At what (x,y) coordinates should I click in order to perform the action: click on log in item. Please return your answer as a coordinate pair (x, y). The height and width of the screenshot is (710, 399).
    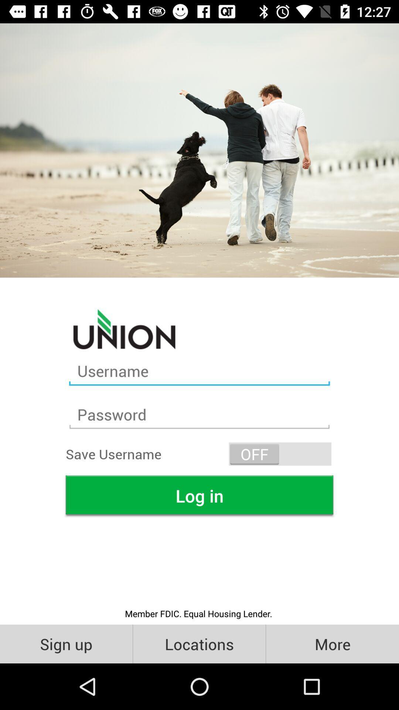
    Looking at the image, I should click on (199, 496).